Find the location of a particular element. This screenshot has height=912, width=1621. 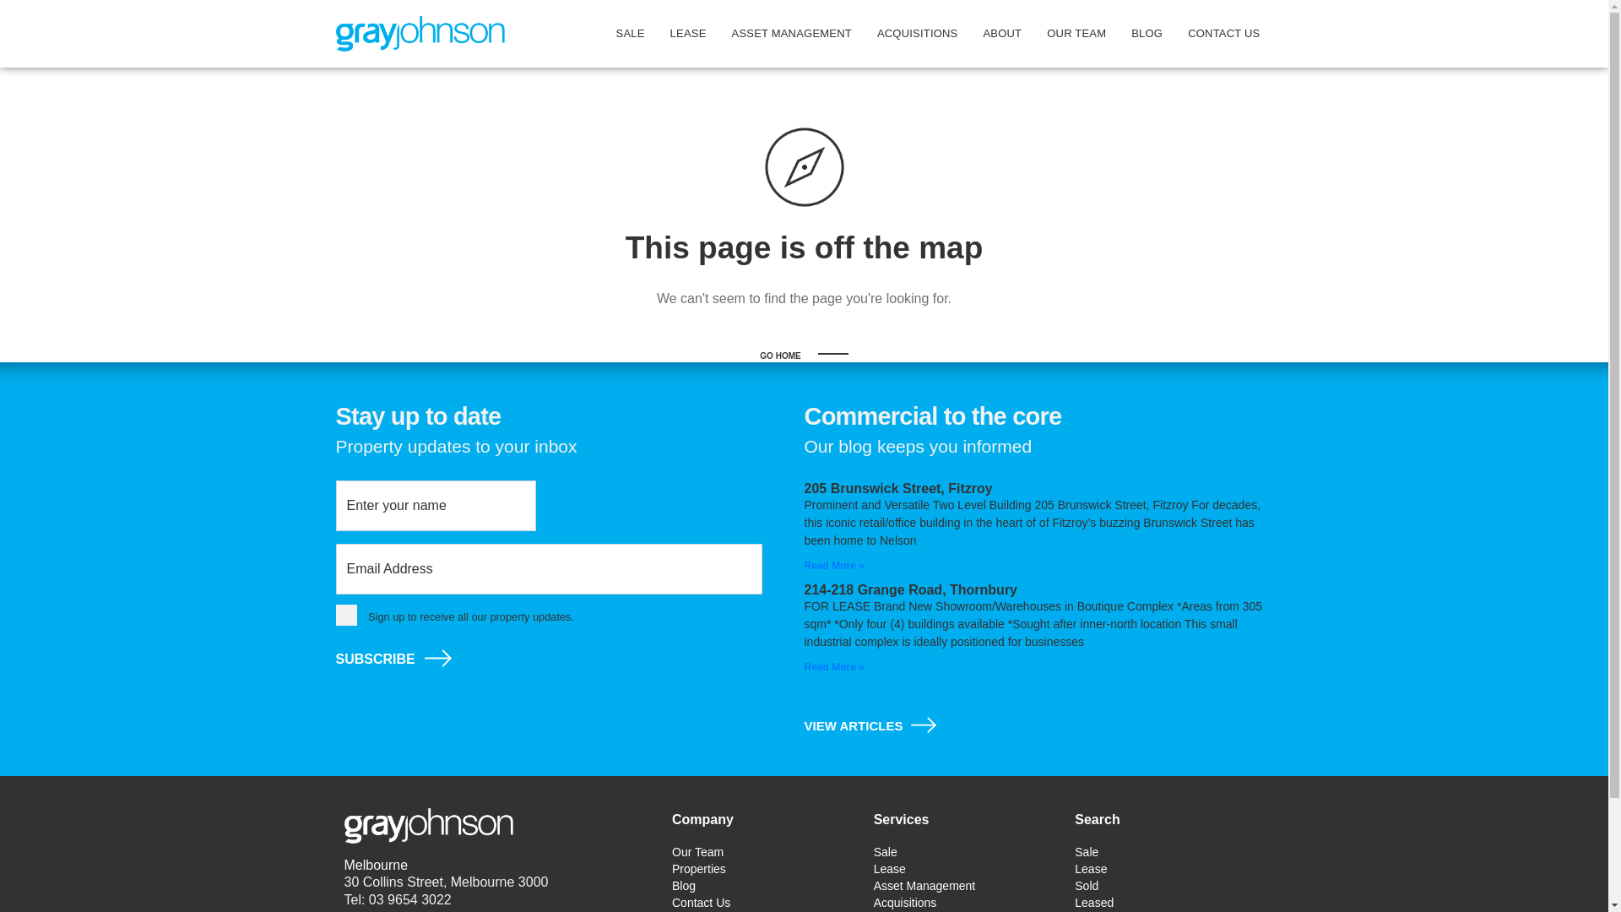

'ACQUISITIONS' is located at coordinates (916, 33).